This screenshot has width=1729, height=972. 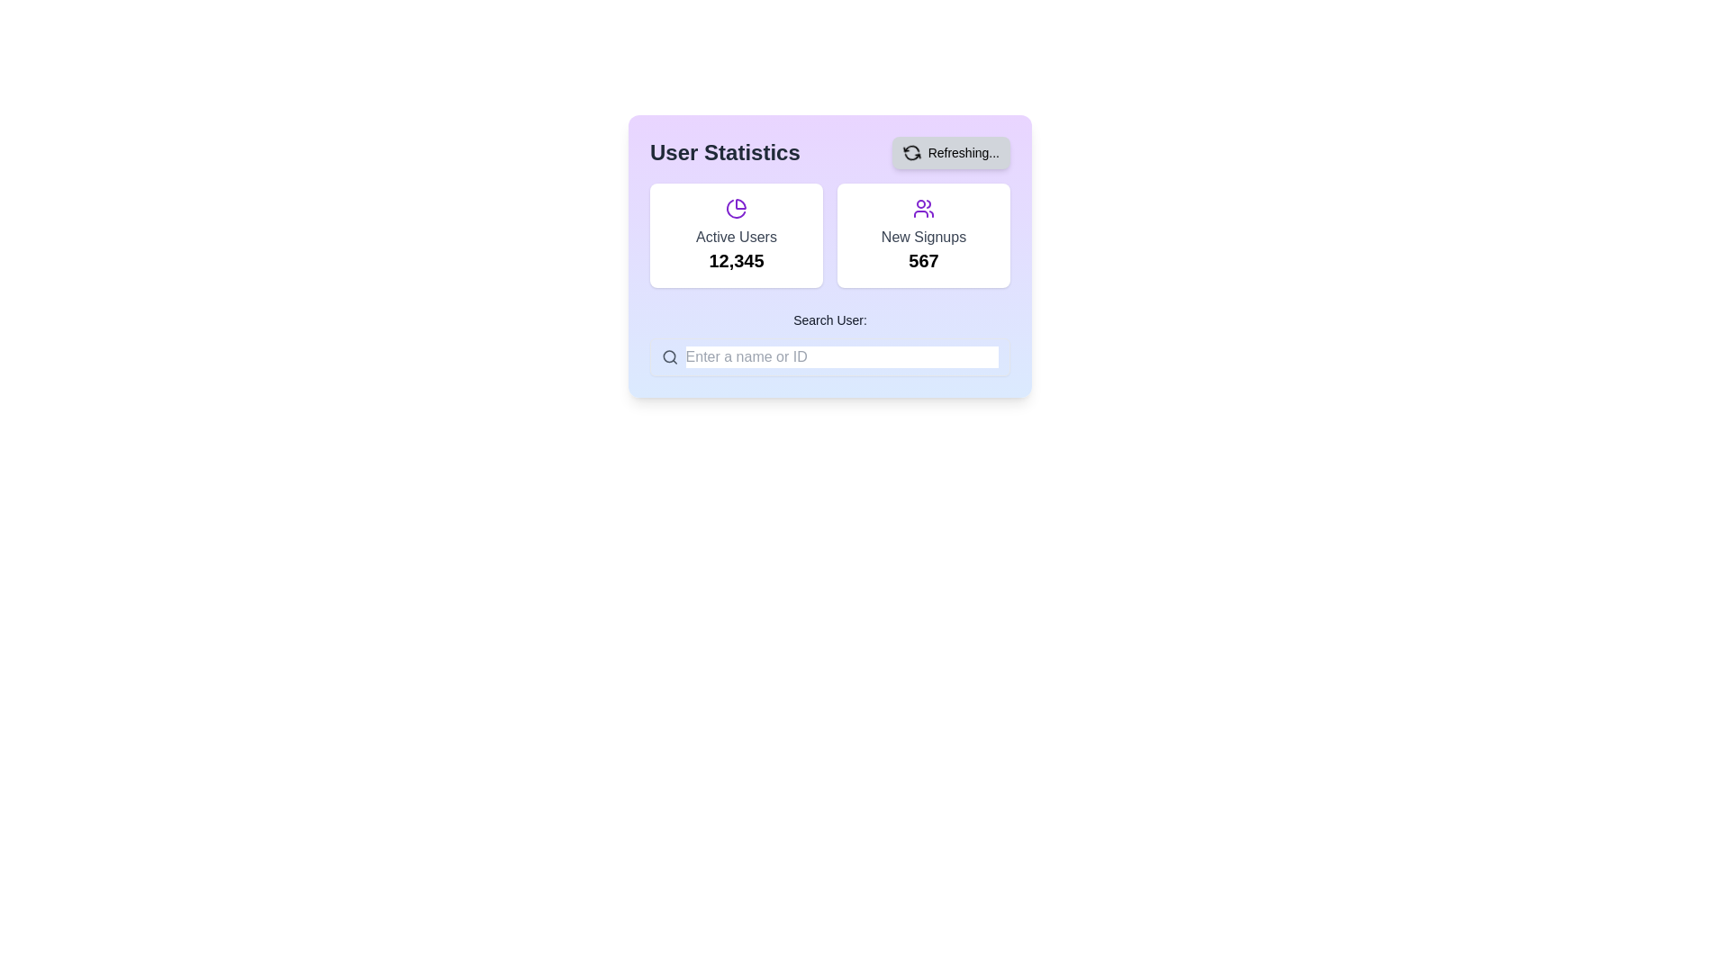 I want to click on the search input field located at the bottom of the statistics card to focus on it, so click(x=828, y=343).